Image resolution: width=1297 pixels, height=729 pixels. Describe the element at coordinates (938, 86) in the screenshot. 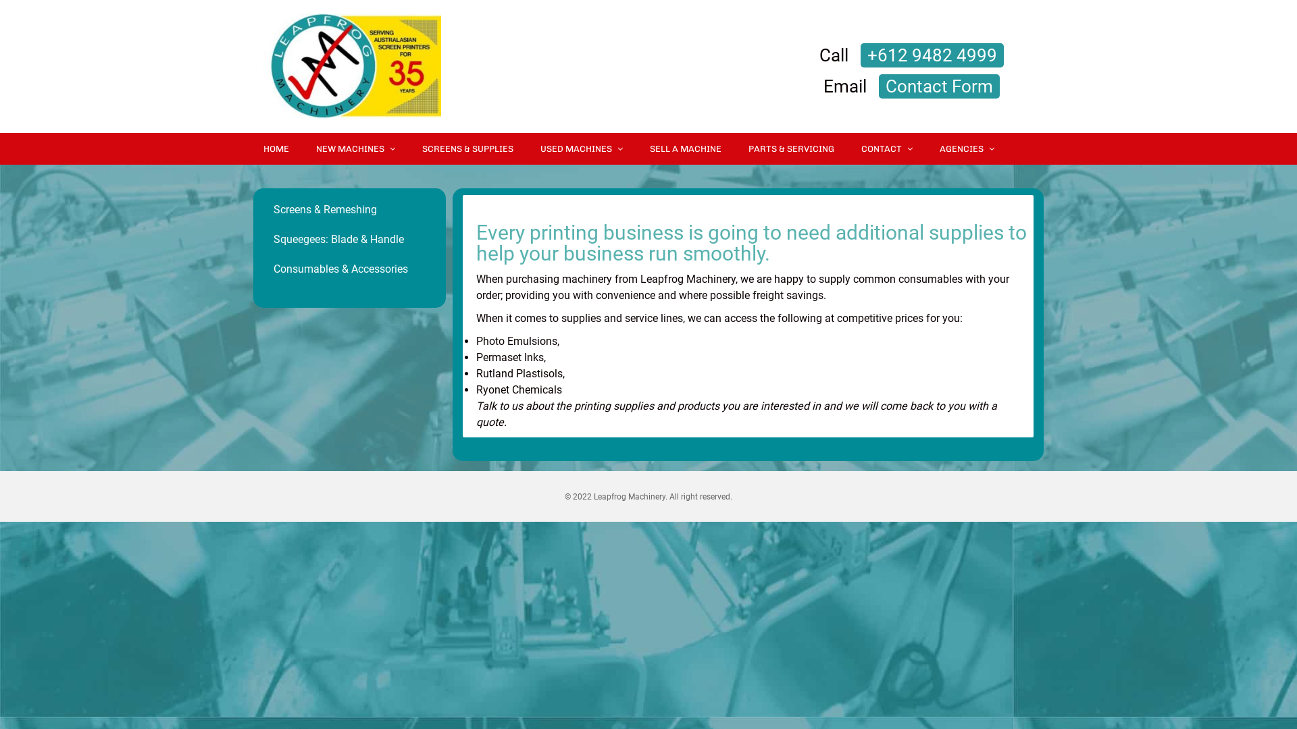

I see `'Contact Form'` at that location.